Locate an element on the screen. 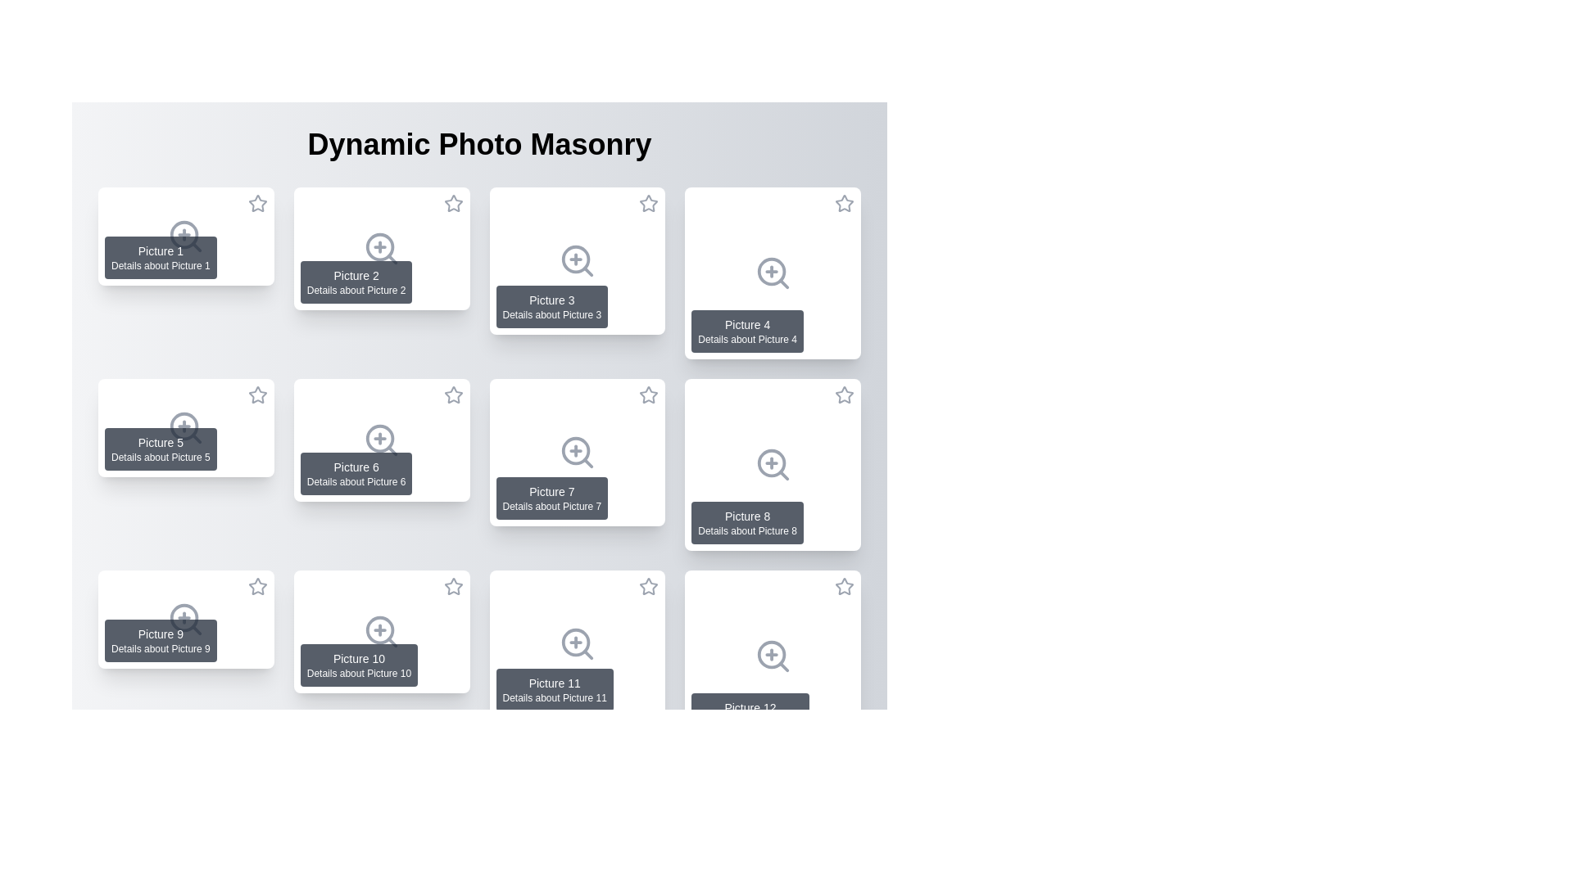  the Text Label providing additional details for 'Picture 4' is located at coordinates (746, 339).